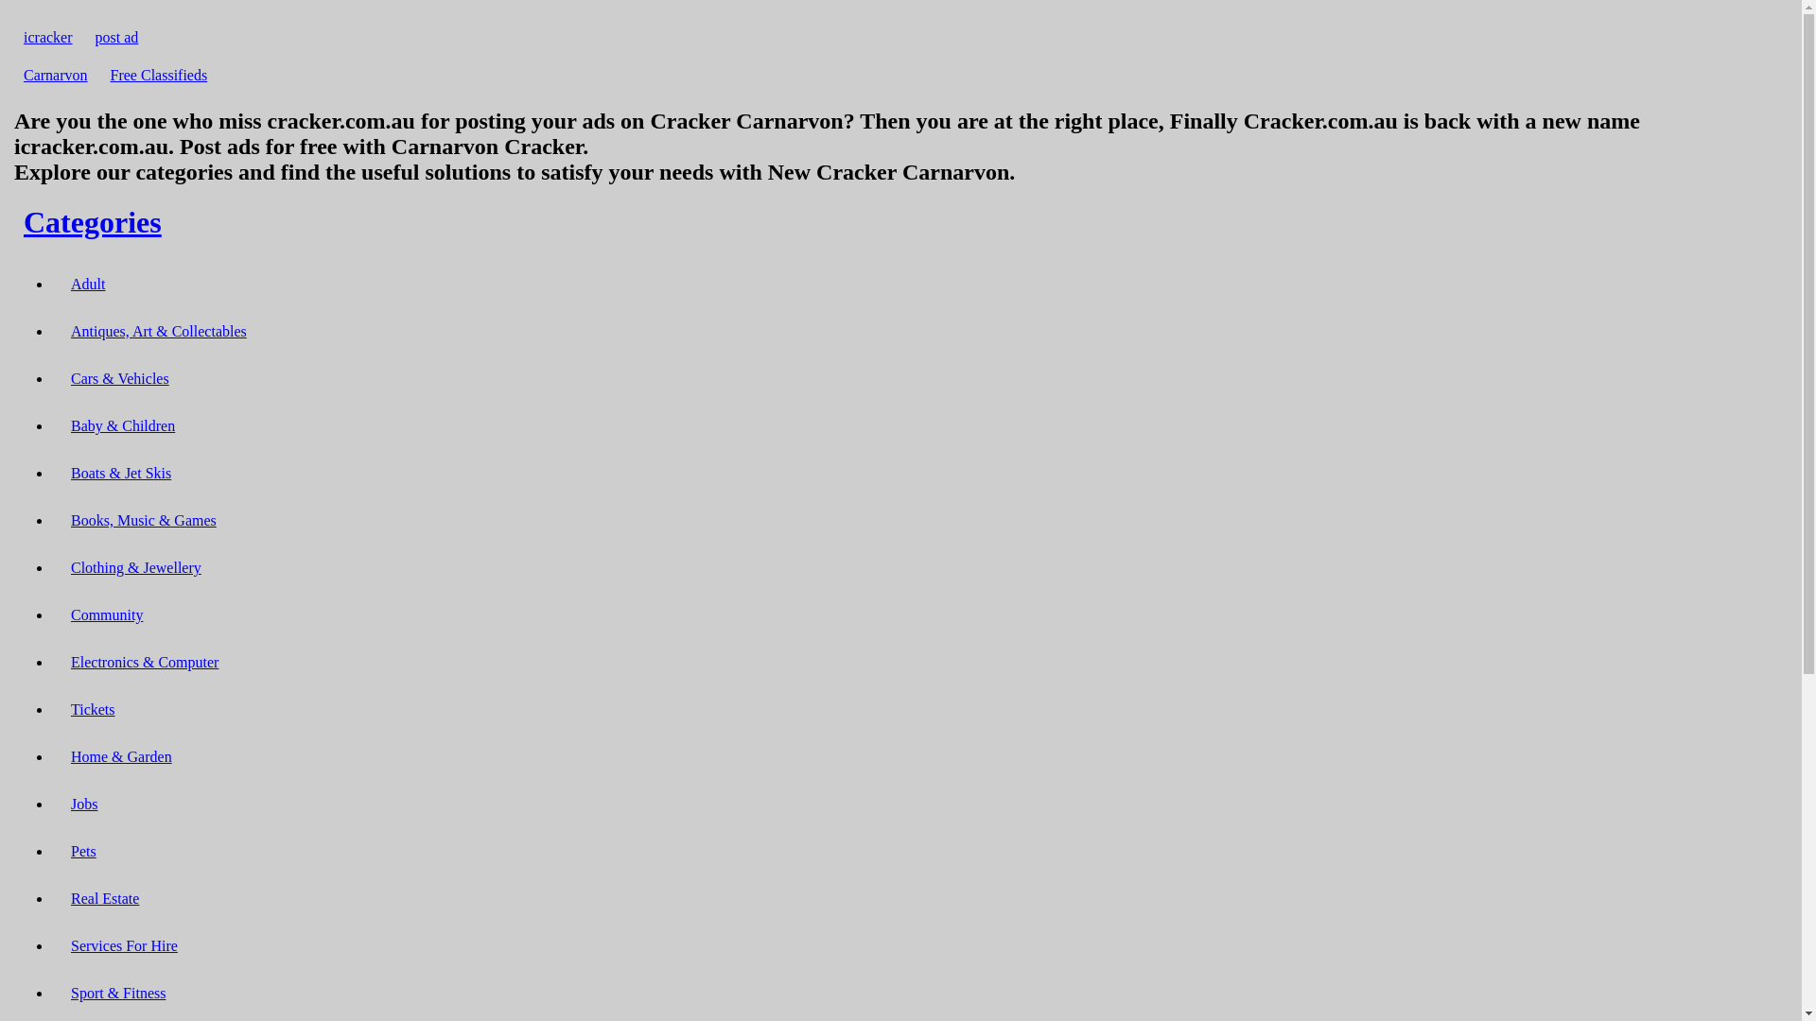 The image size is (1816, 1021). What do you see at coordinates (118, 378) in the screenshot?
I see `'Cars & Vehicles'` at bounding box center [118, 378].